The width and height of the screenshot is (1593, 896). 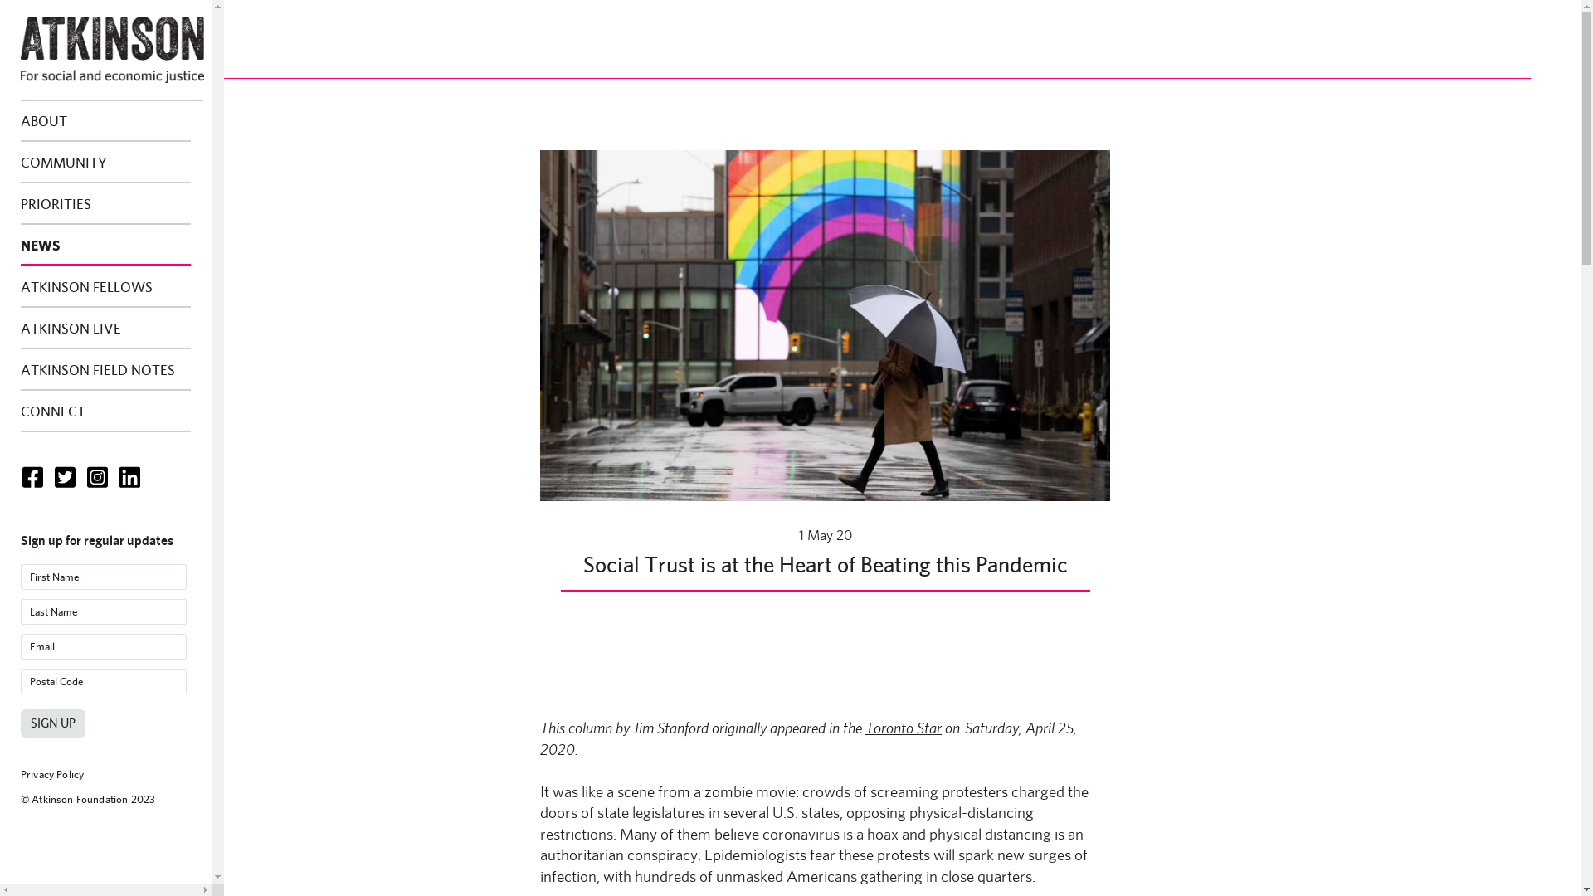 I want to click on '< NEWS', so click(x=95, y=64).